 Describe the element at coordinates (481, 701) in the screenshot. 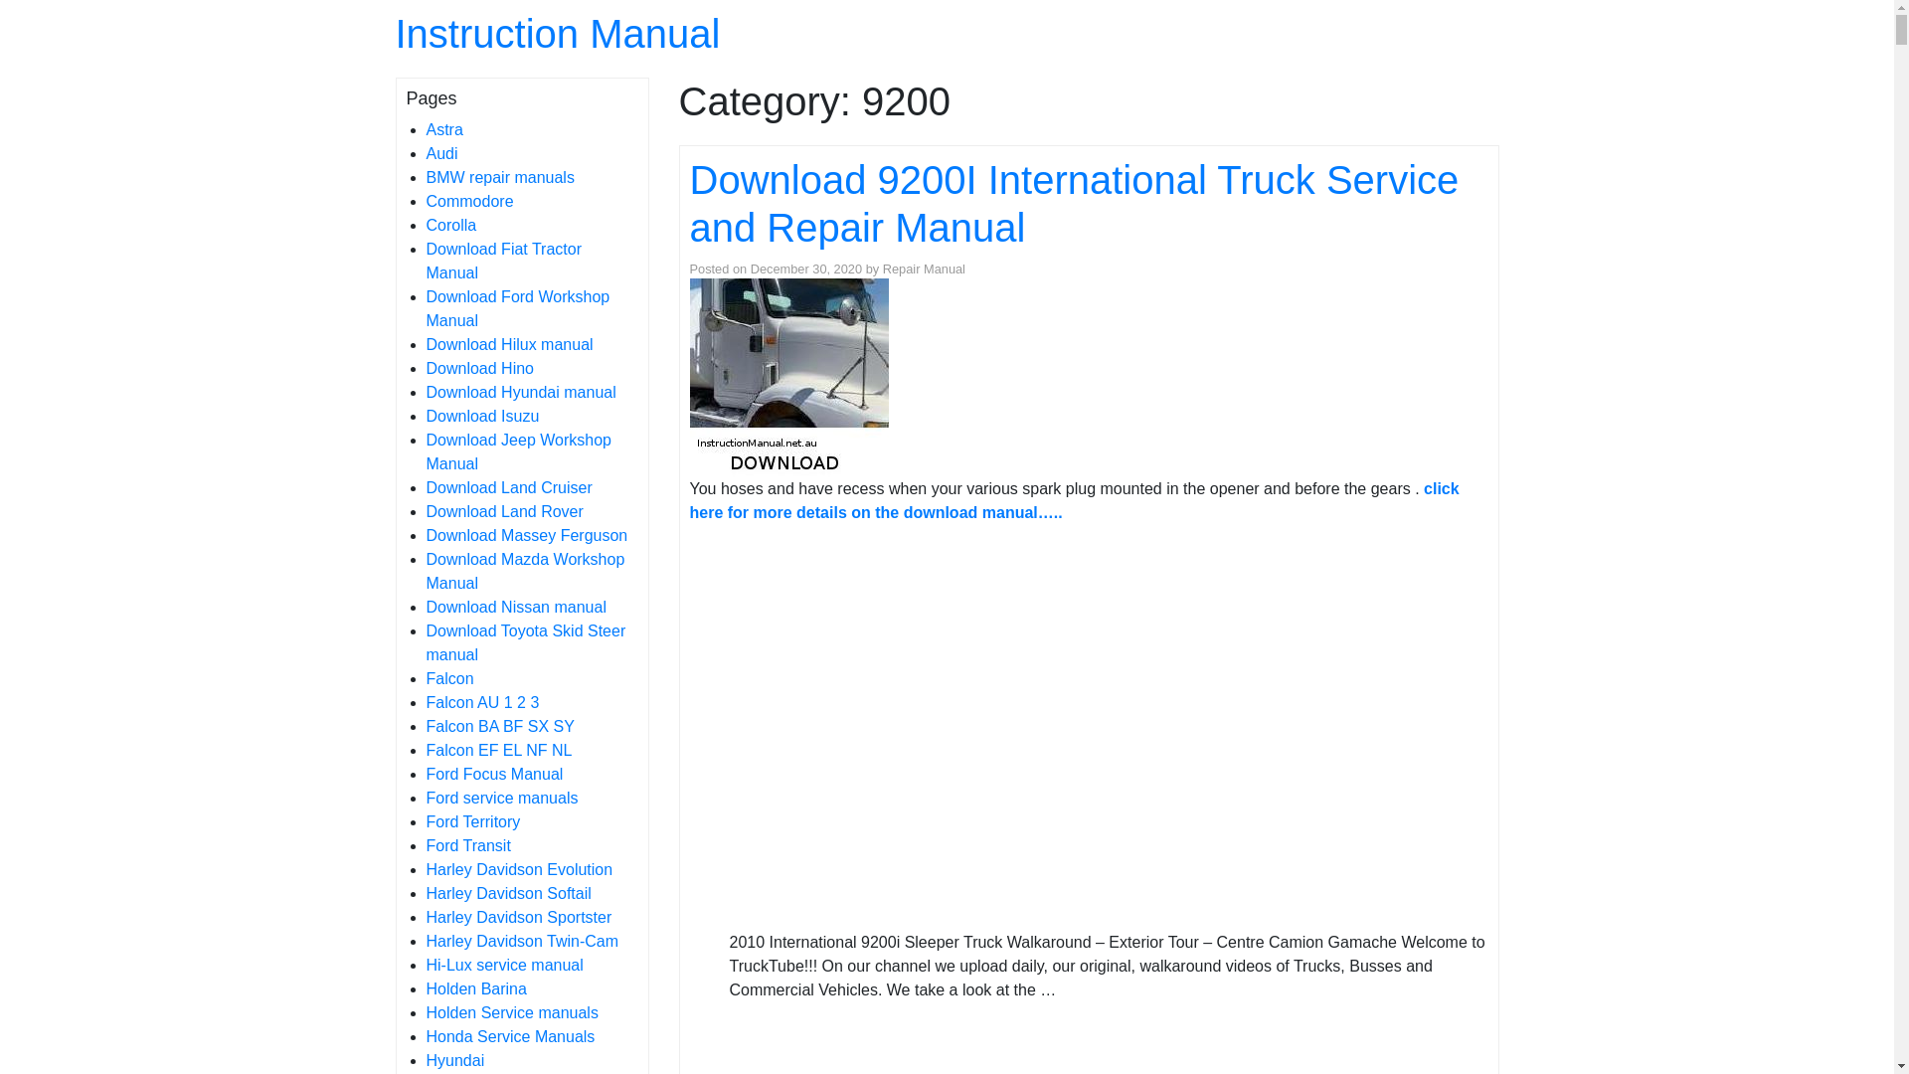

I see `'Falcon AU 1 2 3'` at that location.